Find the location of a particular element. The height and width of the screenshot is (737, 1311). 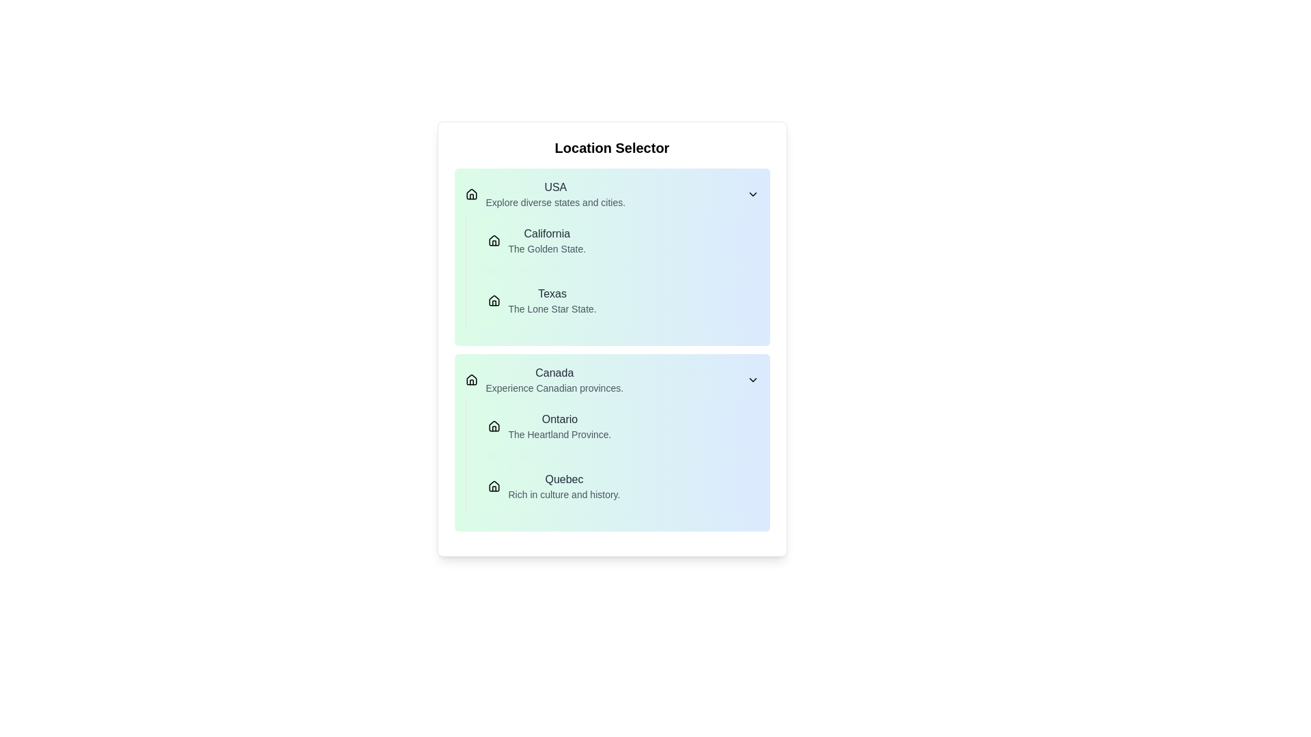

informational text that states 'Experience Canadian provinces.' which is styled in light gray and located below the title 'Canada' is located at coordinates (554, 388).